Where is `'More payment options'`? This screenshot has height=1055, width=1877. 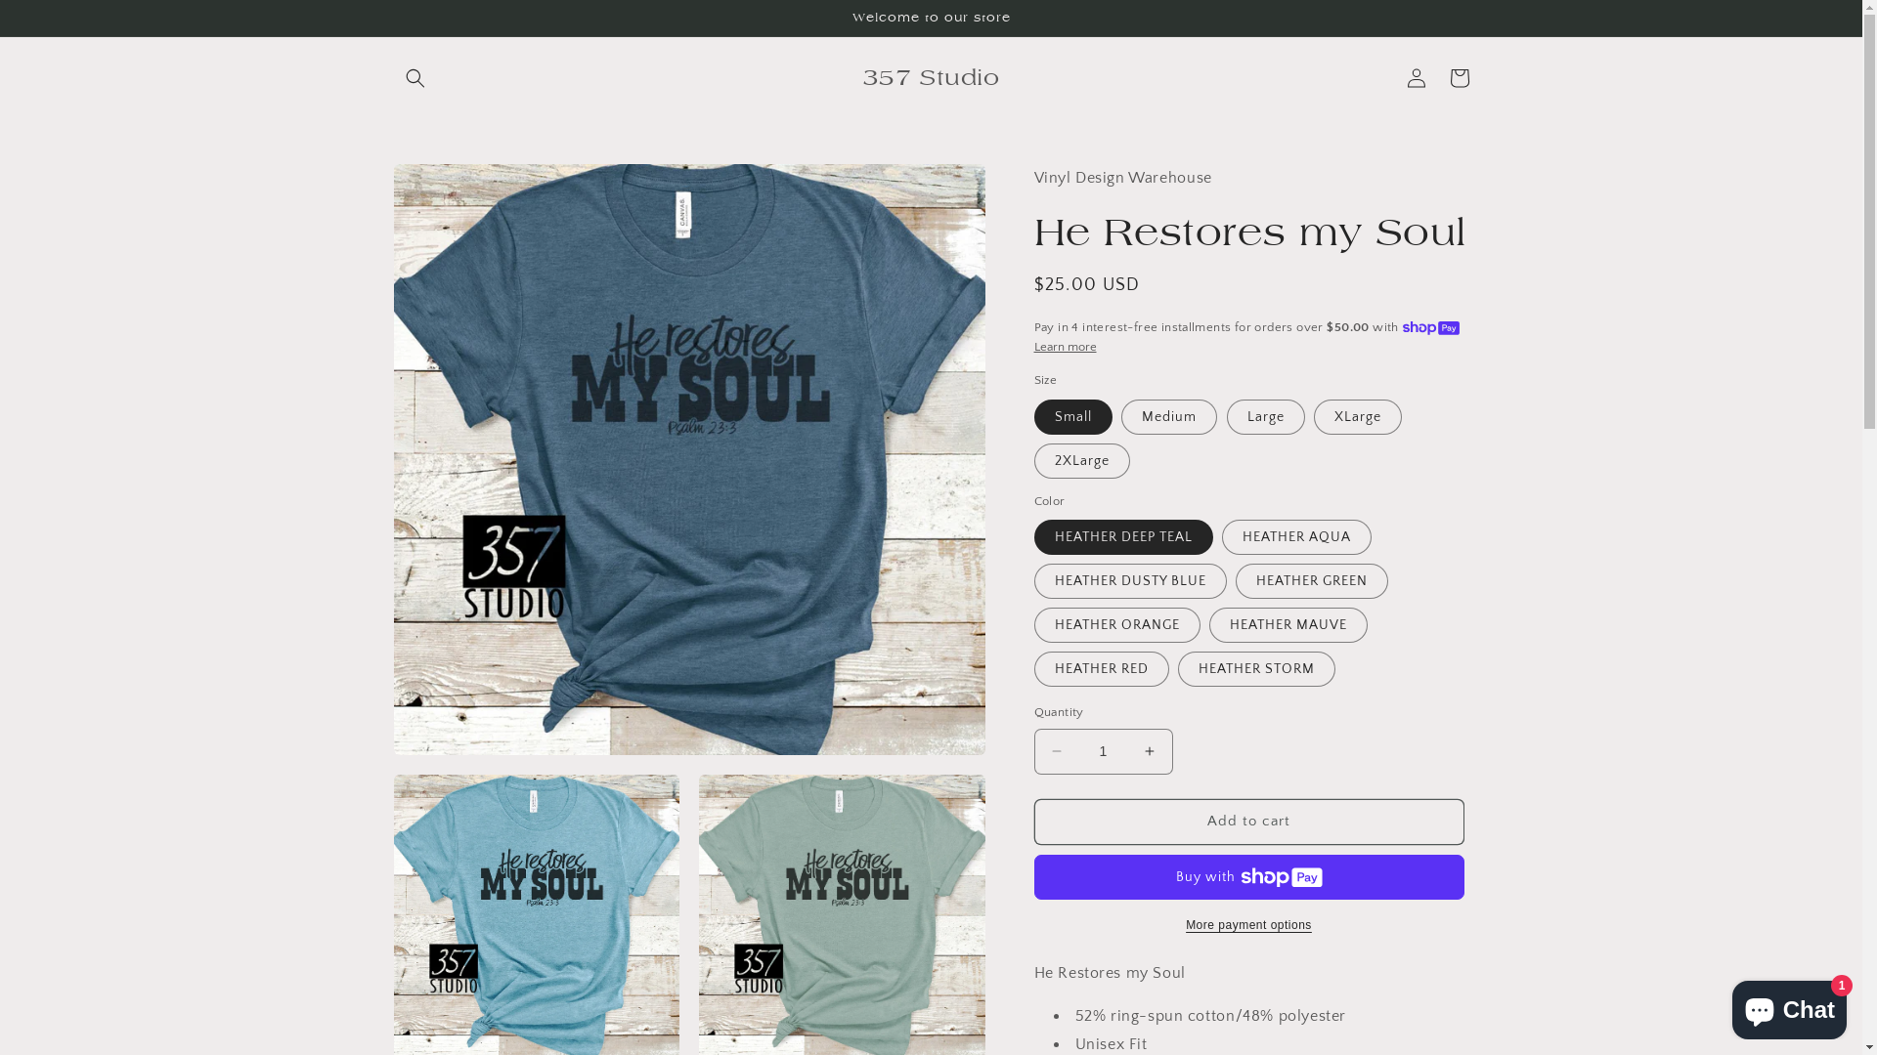 'More payment options' is located at coordinates (1247, 924).